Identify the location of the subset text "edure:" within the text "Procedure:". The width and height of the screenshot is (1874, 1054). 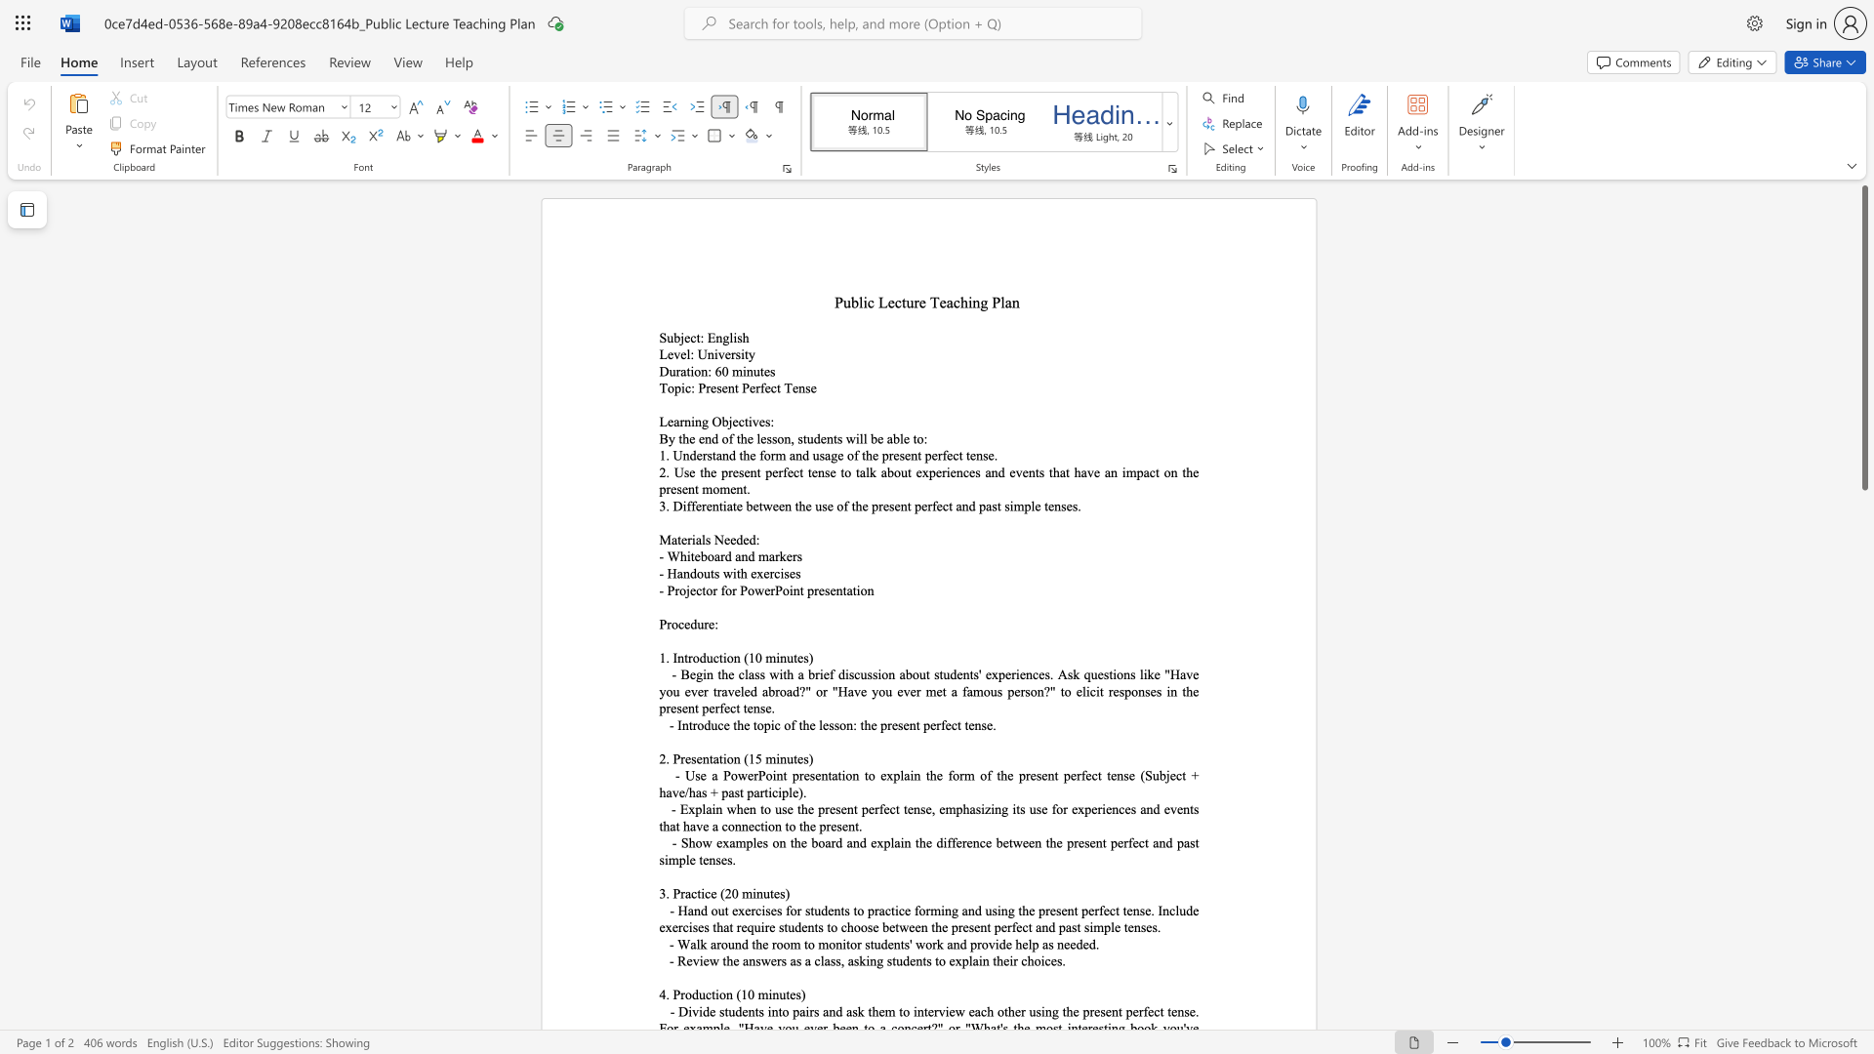
(684, 624).